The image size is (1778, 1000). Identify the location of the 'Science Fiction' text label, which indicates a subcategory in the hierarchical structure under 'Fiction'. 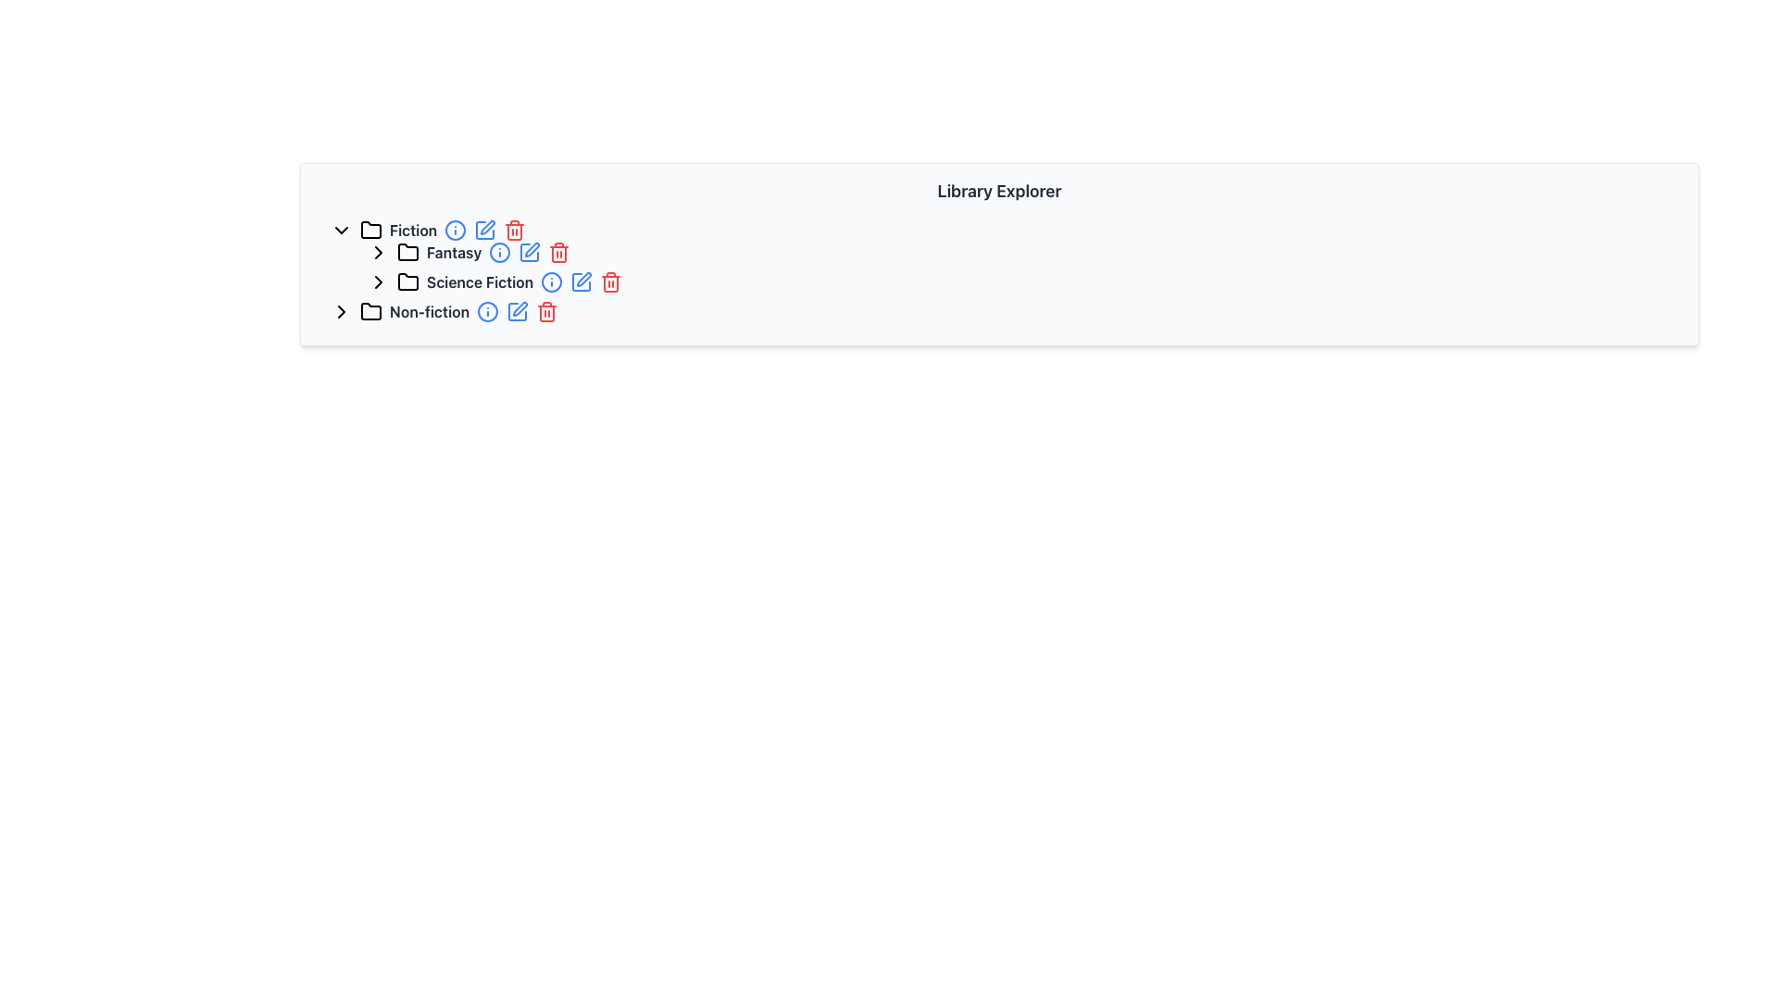
(480, 281).